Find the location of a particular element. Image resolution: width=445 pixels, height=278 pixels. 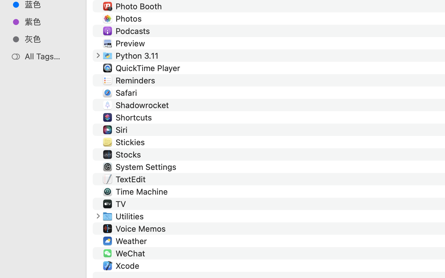

'Preview' is located at coordinates (131, 43).